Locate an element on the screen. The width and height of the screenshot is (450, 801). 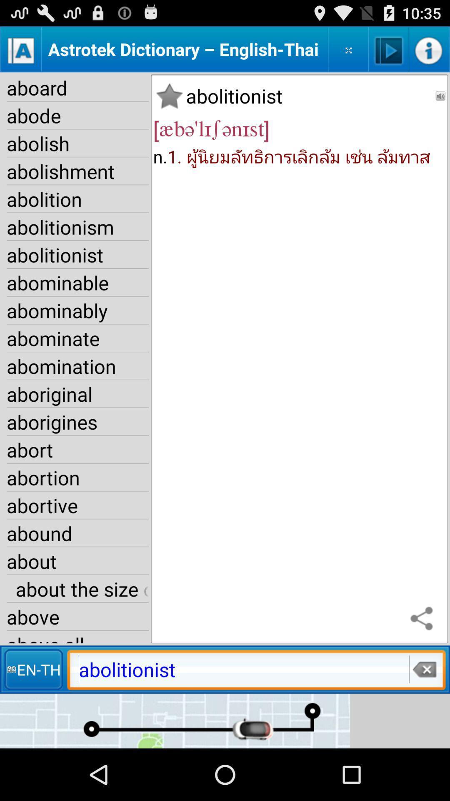
a is located at coordinates (20, 49).